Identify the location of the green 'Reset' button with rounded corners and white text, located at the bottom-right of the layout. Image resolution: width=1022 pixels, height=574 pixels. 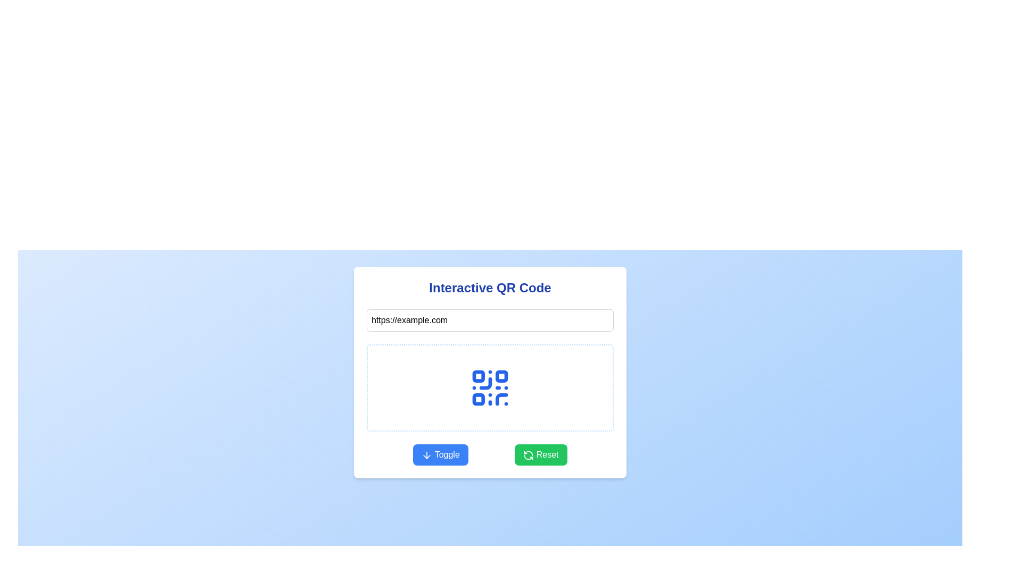
(541, 454).